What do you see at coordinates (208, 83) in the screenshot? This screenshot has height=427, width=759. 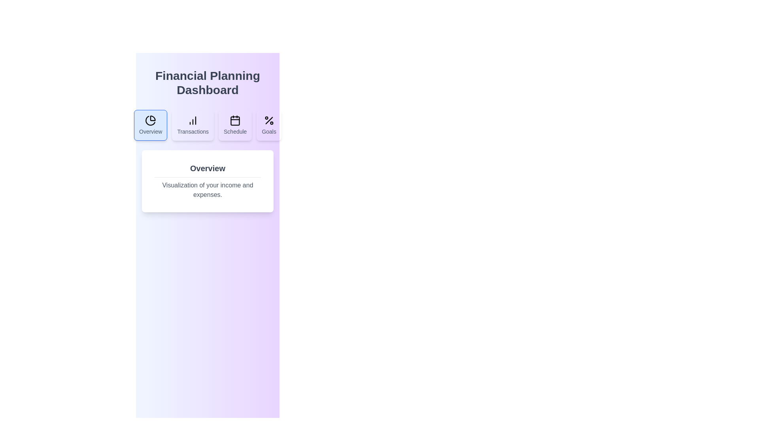 I see `text element titled 'Financial Planning Dashboard' displayed in large, bold, dark gray font at the top of the page` at bounding box center [208, 83].